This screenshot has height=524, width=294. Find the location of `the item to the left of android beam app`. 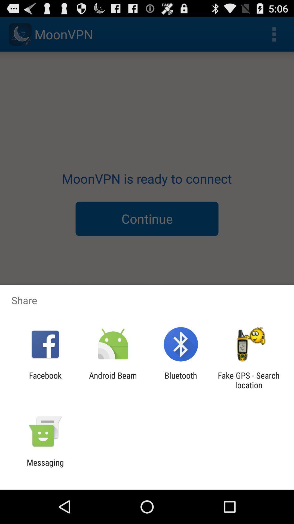

the item to the left of android beam app is located at coordinates (45, 380).